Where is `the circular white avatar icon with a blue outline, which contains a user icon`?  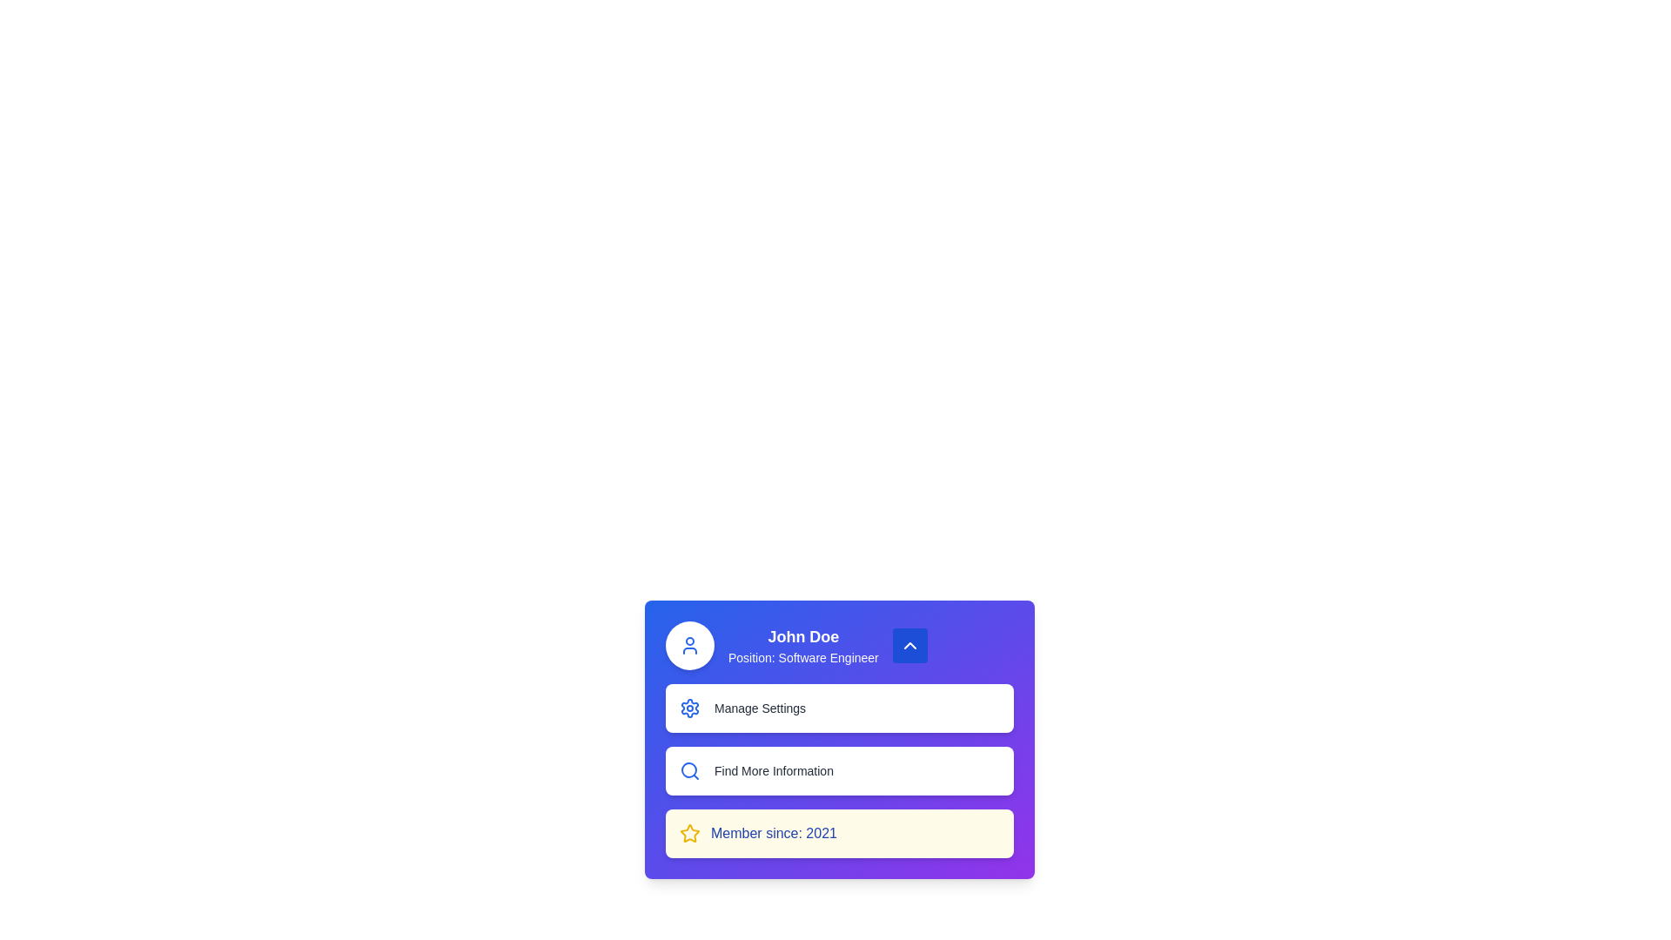 the circular white avatar icon with a blue outline, which contains a user icon is located at coordinates (688, 645).